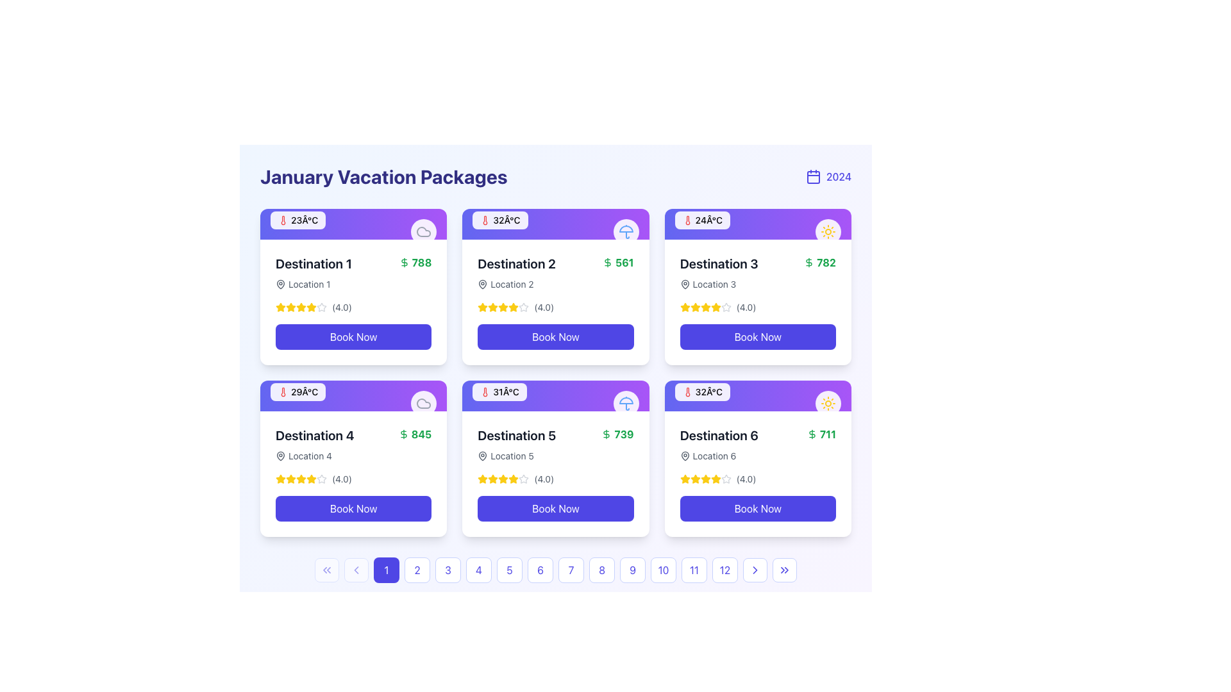 This screenshot has height=692, width=1231. I want to click on the third star in the rating system for 'Destination 6' which visually denotes a rating of 3 stars, so click(705, 479).